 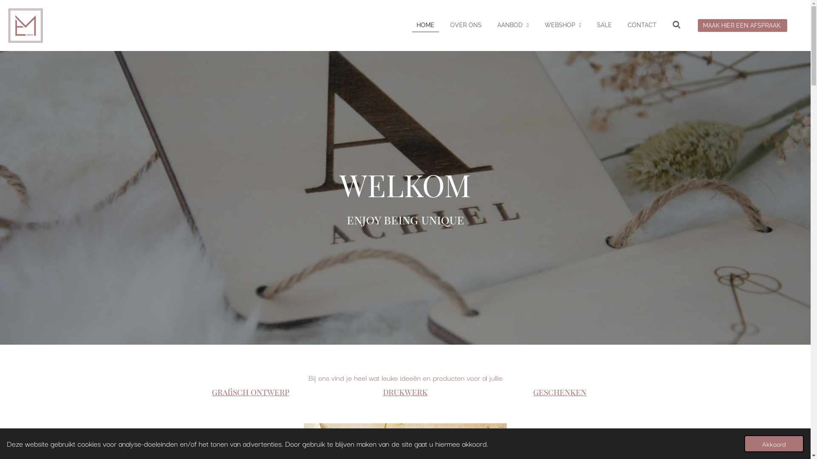 What do you see at coordinates (405, 391) in the screenshot?
I see `'drukwerk'` at bounding box center [405, 391].